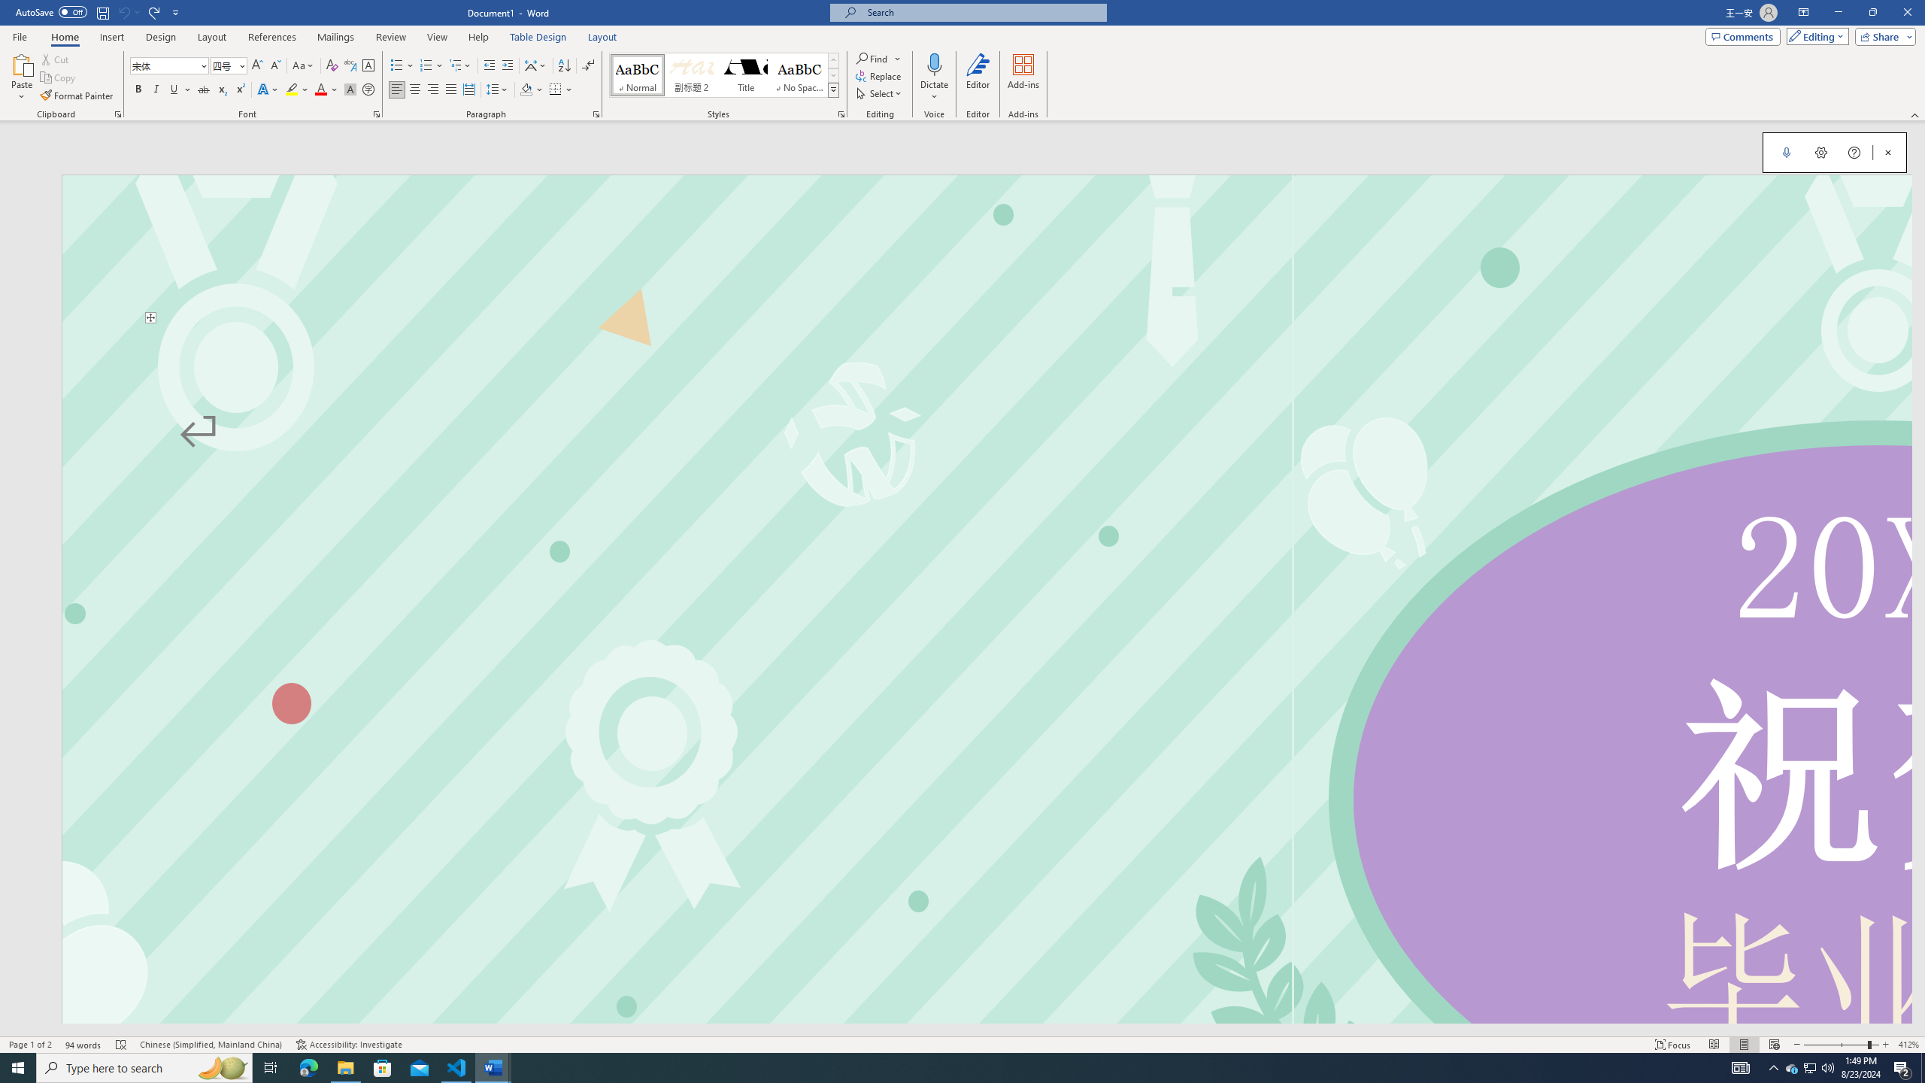 The height and width of the screenshot is (1083, 1925). What do you see at coordinates (432, 65) in the screenshot?
I see `'Numbering'` at bounding box center [432, 65].